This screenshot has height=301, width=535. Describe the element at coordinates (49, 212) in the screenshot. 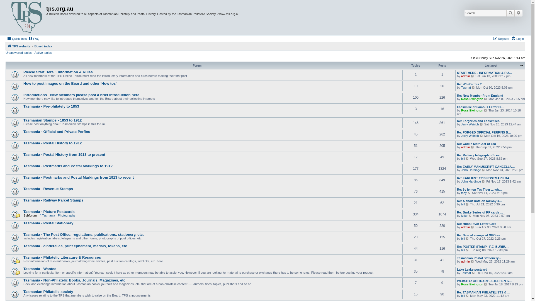

I see `'Tasmania - Picture Postcards'` at that location.